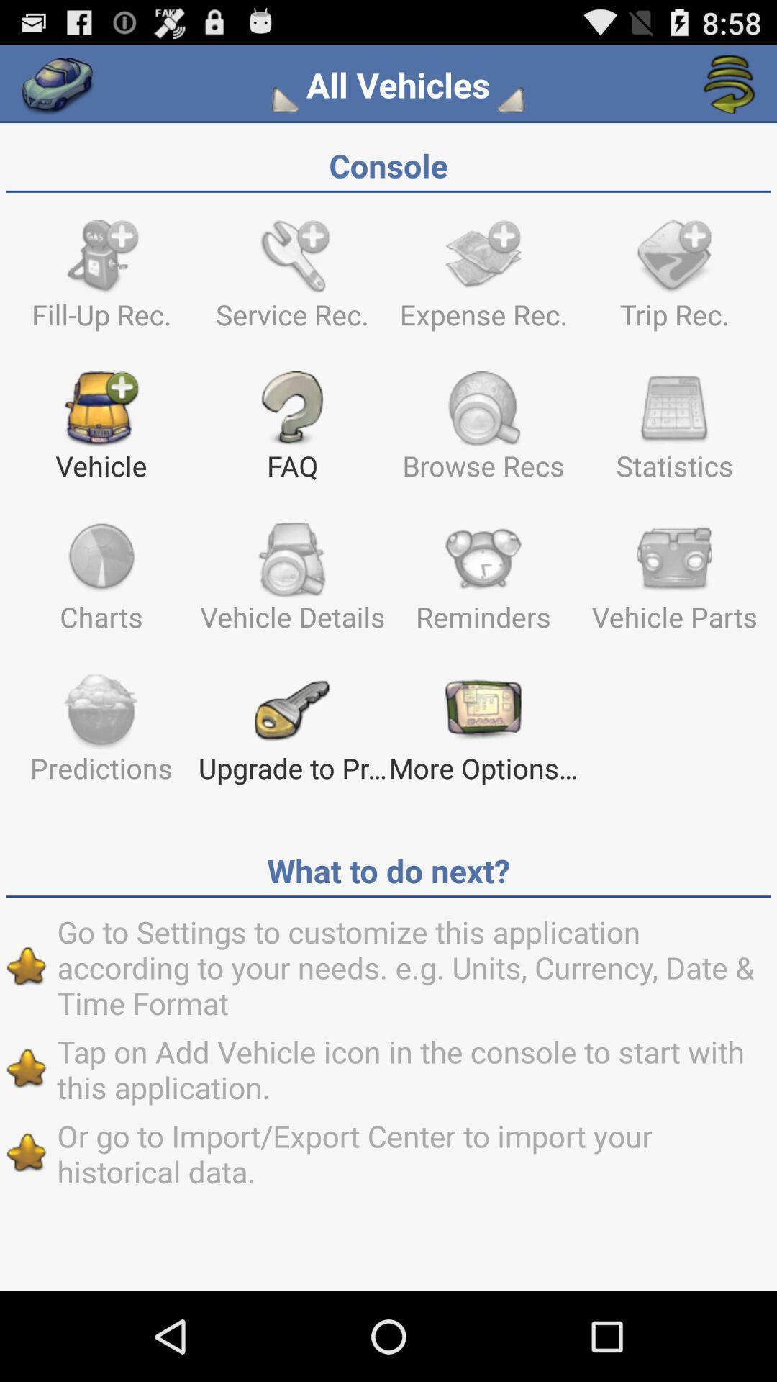 This screenshot has width=777, height=1382. What do you see at coordinates (674, 584) in the screenshot?
I see `icon which is right to reminders` at bounding box center [674, 584].